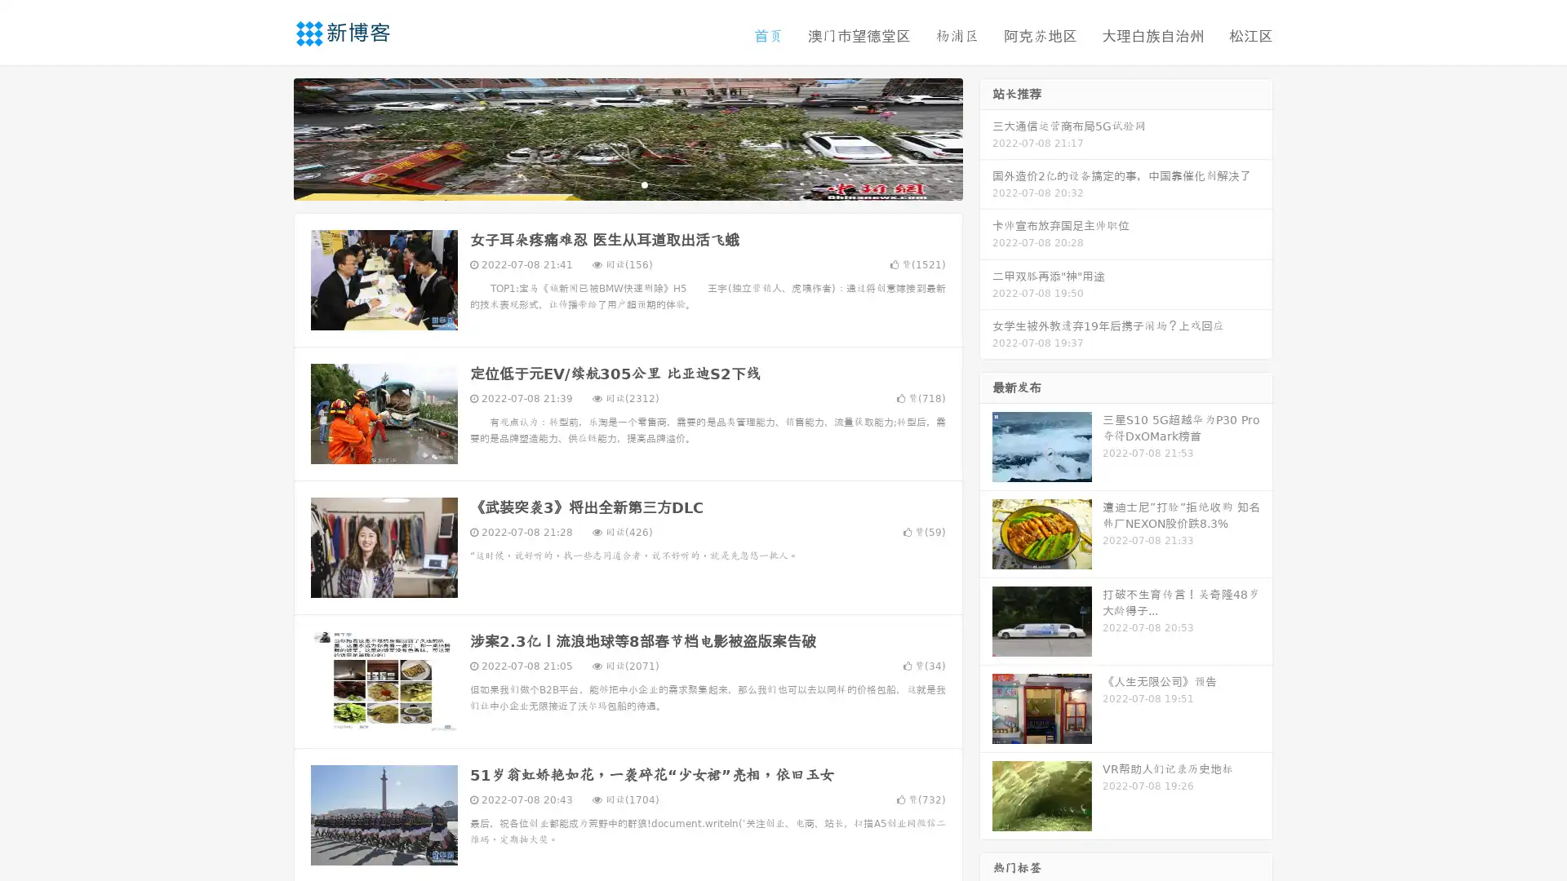 The height and width of the screenshot is (881, 1567). What do you see at coordinates (644, 184) in the screenshot?
I see `Go to slide 3` at bounding box center [644, 184].